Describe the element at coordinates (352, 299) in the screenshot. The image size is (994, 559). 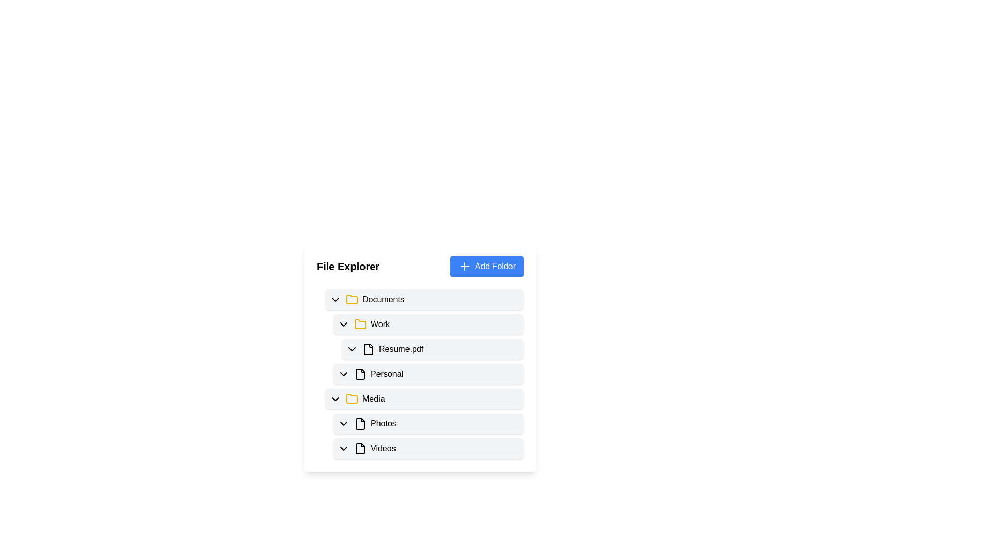
I see `the yellow folder icon located in the Documents row of the File Explorer interface` at that location.